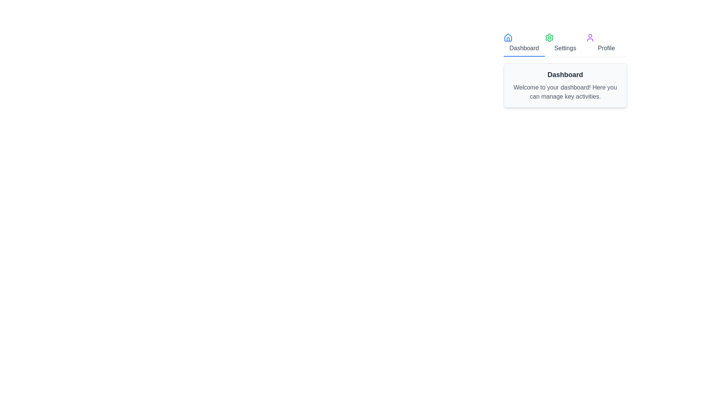  Describe the element at coordinates (508, 38) in the screenshot. I see `the icon of the Dashboard tab to see visual feedback` at that location.